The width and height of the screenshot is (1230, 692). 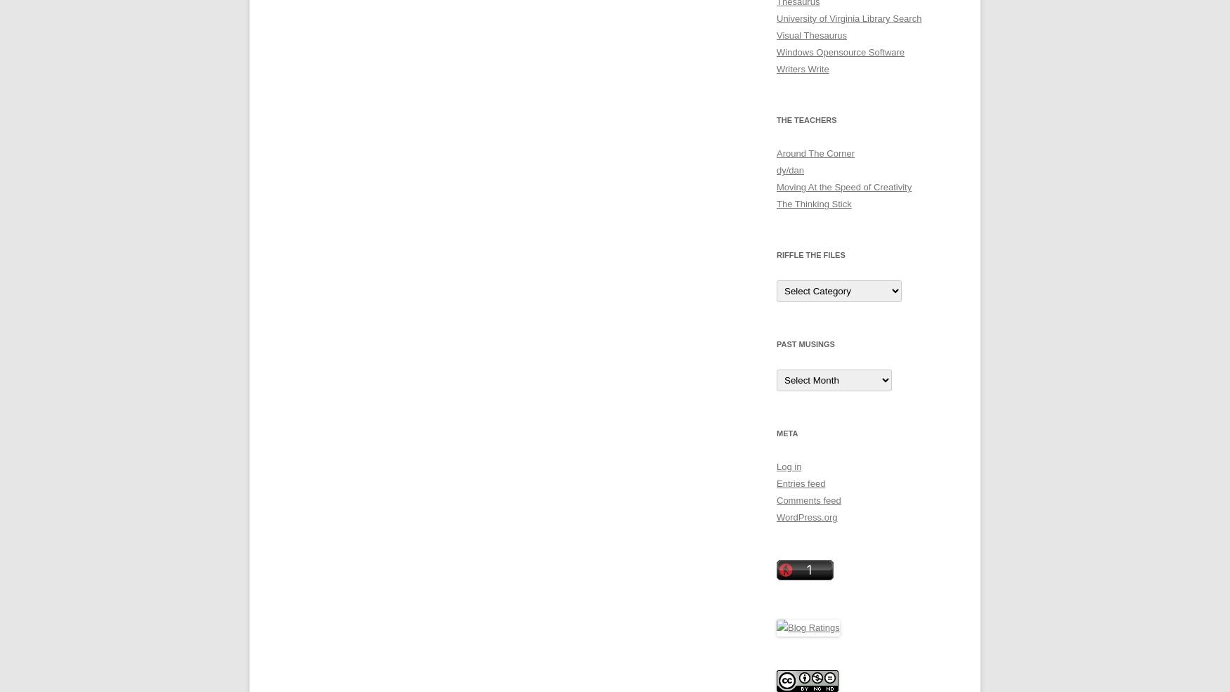 What do you see at coordinates (840, 51) in the screenshot?
I see `'Windows Opensource Software'` at bounding box center [840, 51].